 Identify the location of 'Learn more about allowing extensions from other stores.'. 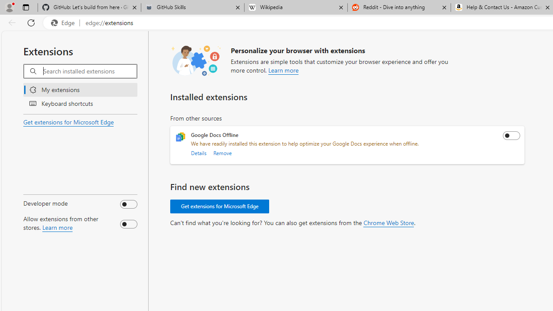
(57, 227).